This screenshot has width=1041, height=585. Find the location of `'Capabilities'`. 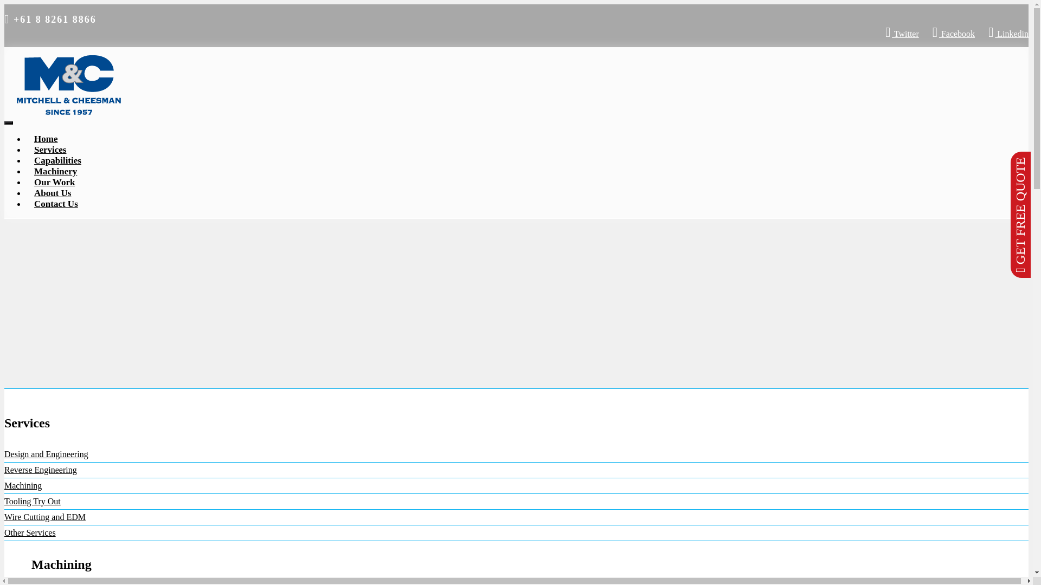

'Capabilities' is located at coordinates (57, 160).